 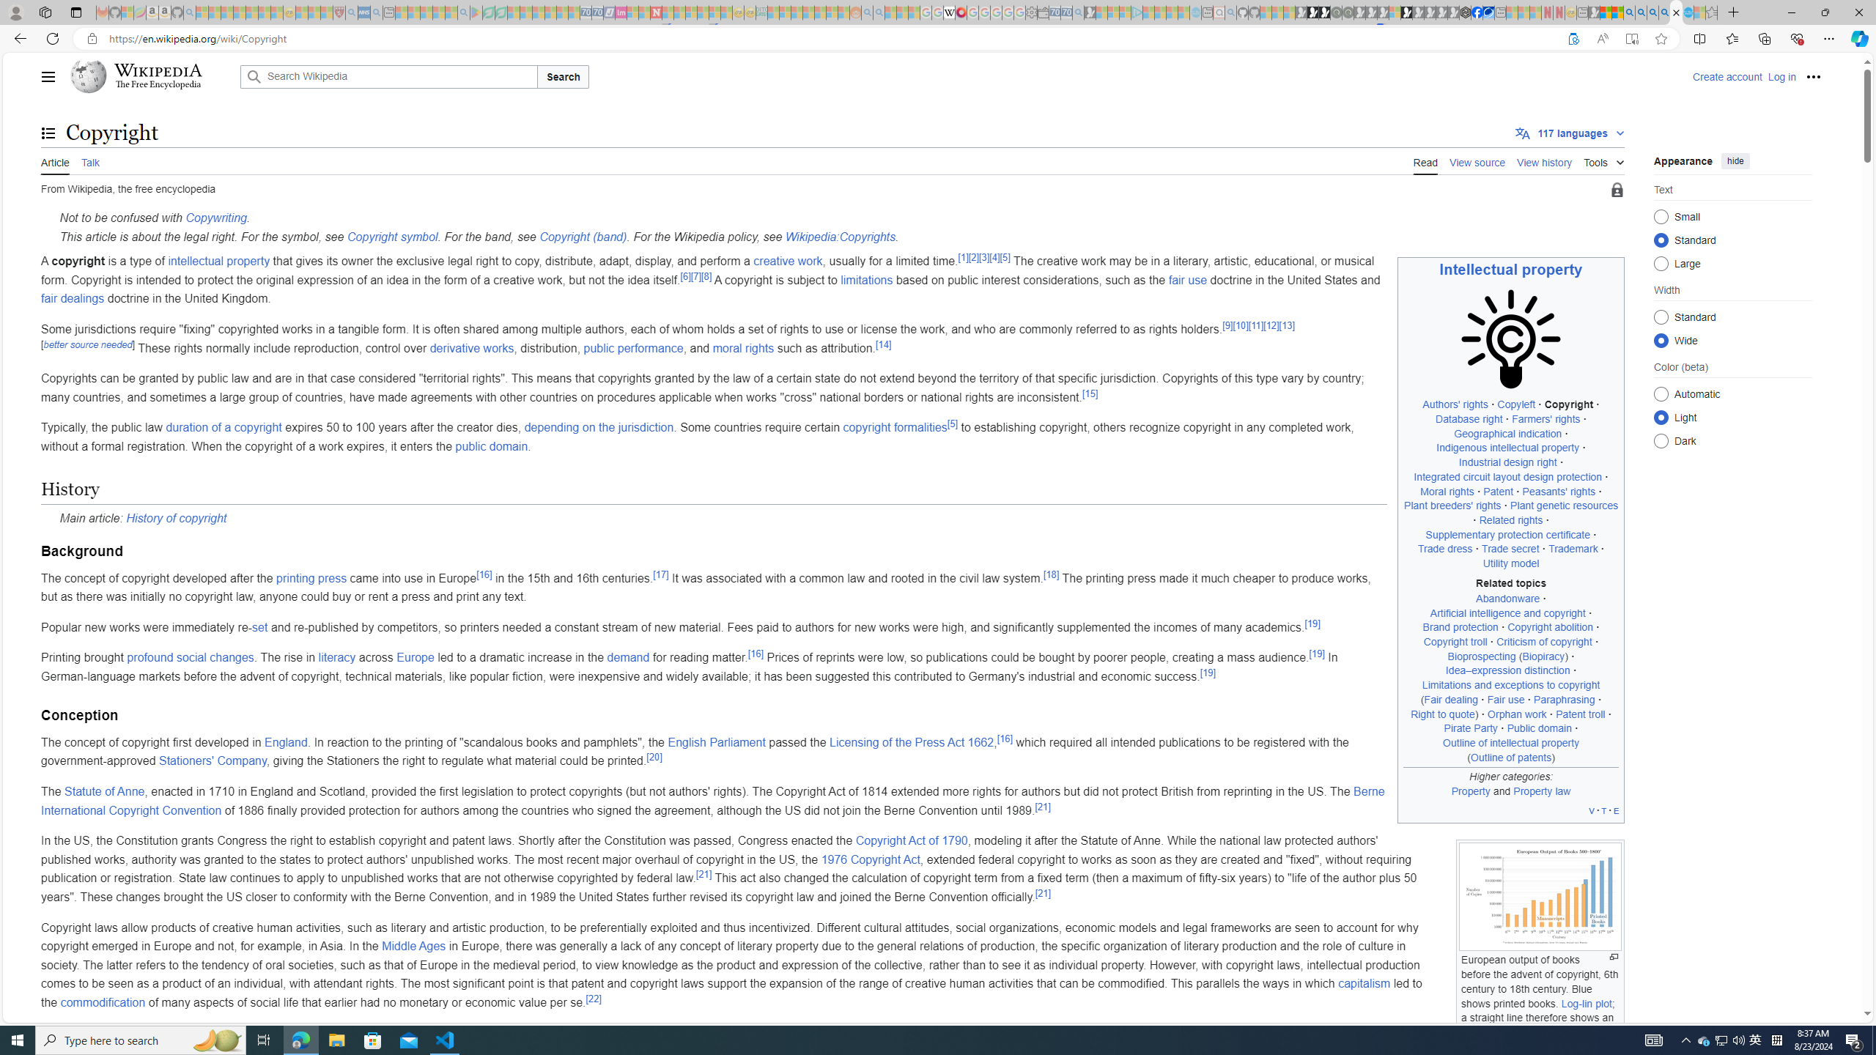 What do you see at coordinates (176, 517) in the screenshot?
I see `'History of copyright'` at bounding box center [176, 517].